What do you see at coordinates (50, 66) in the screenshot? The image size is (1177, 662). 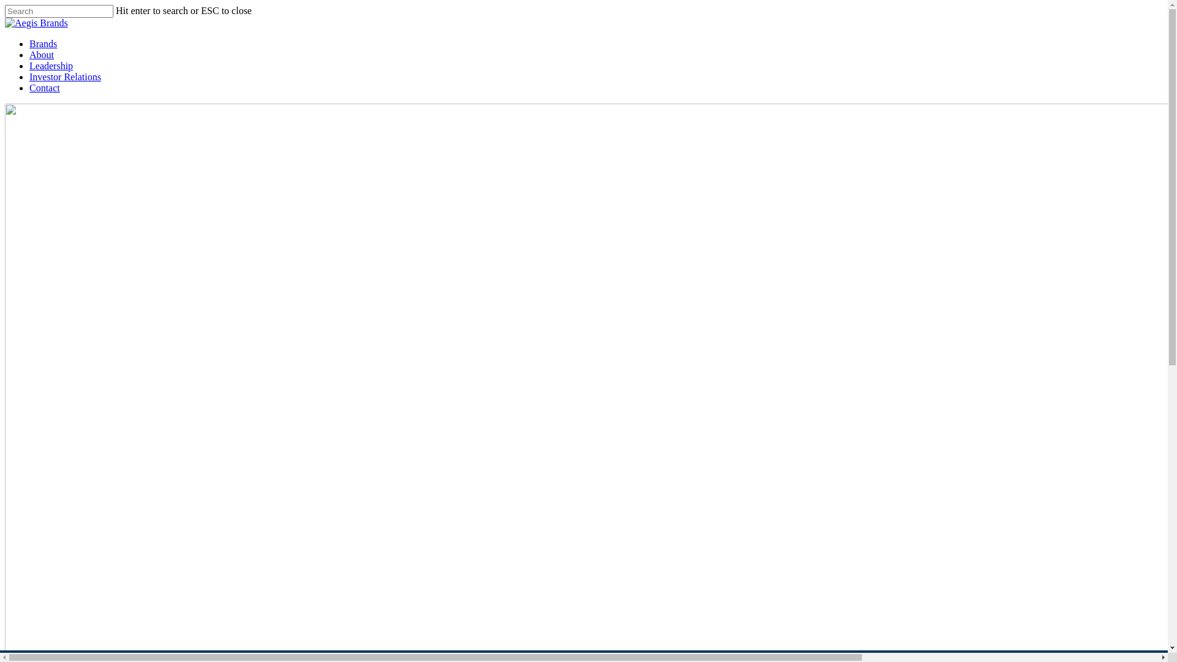 I see `'Leadership'` at bounding box center [50, 66].